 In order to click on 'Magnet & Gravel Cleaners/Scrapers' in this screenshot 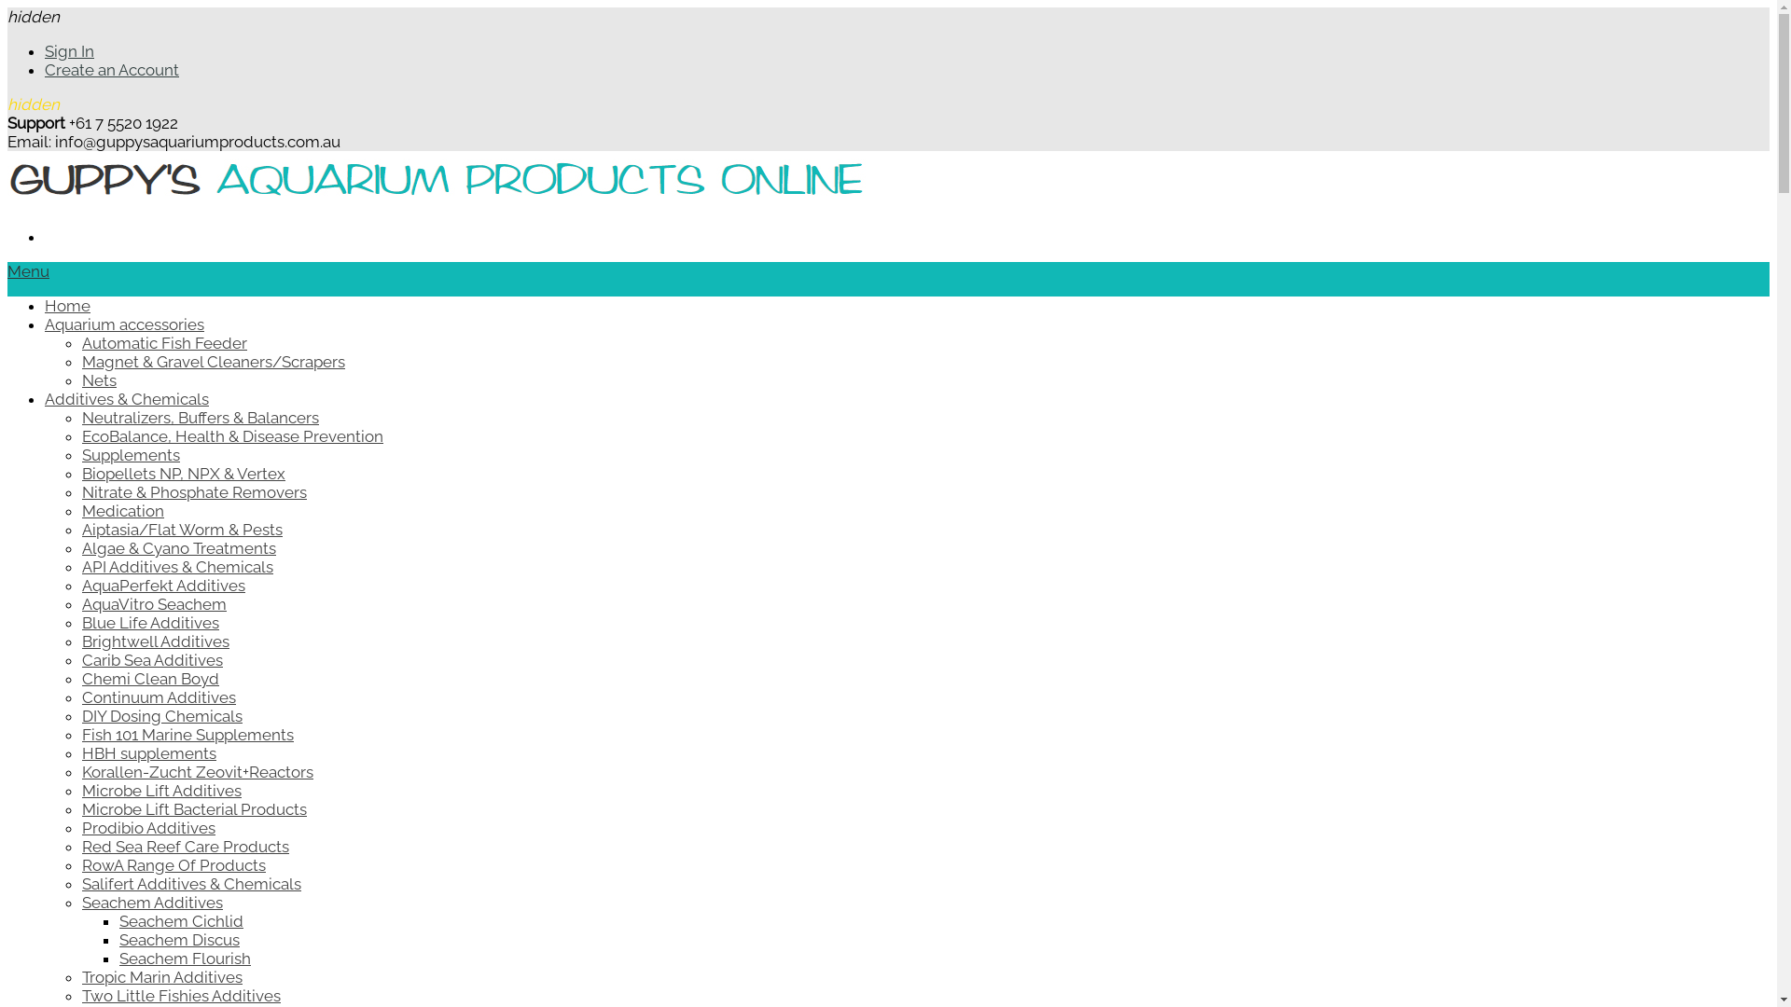, I will do `click(80, 362)`.